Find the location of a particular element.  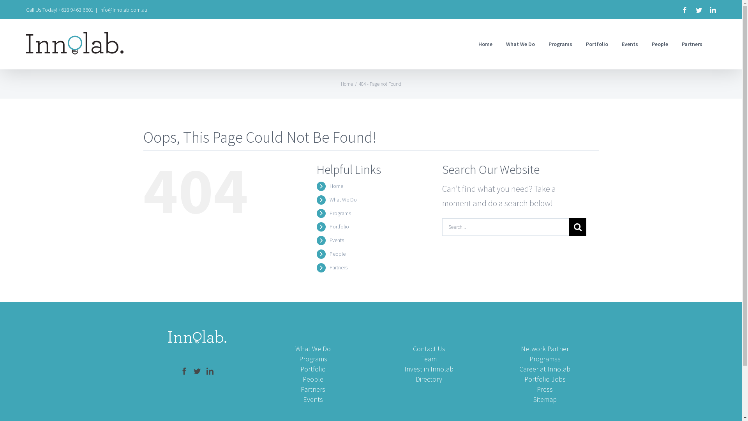

'info@innolab.com.au' is located at coordinates (99, 9).